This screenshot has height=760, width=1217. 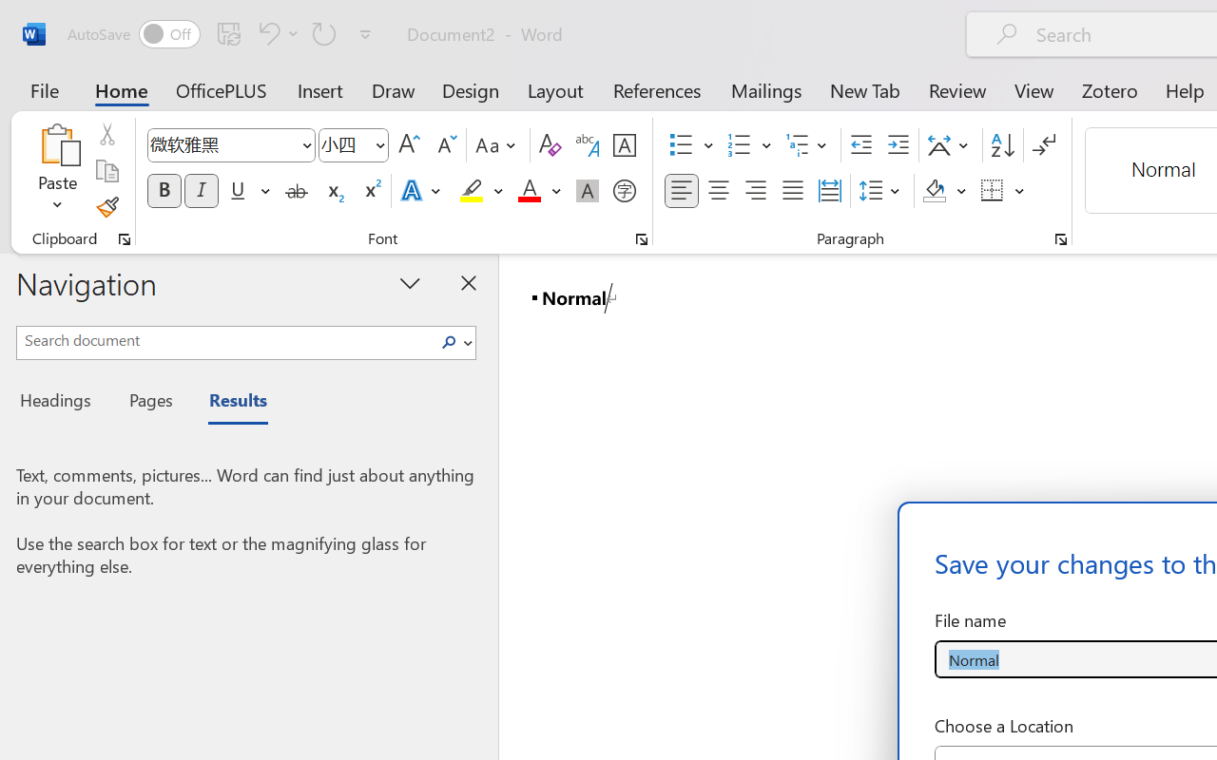 I want to click on 'Underline', so click(x=247, y=191).